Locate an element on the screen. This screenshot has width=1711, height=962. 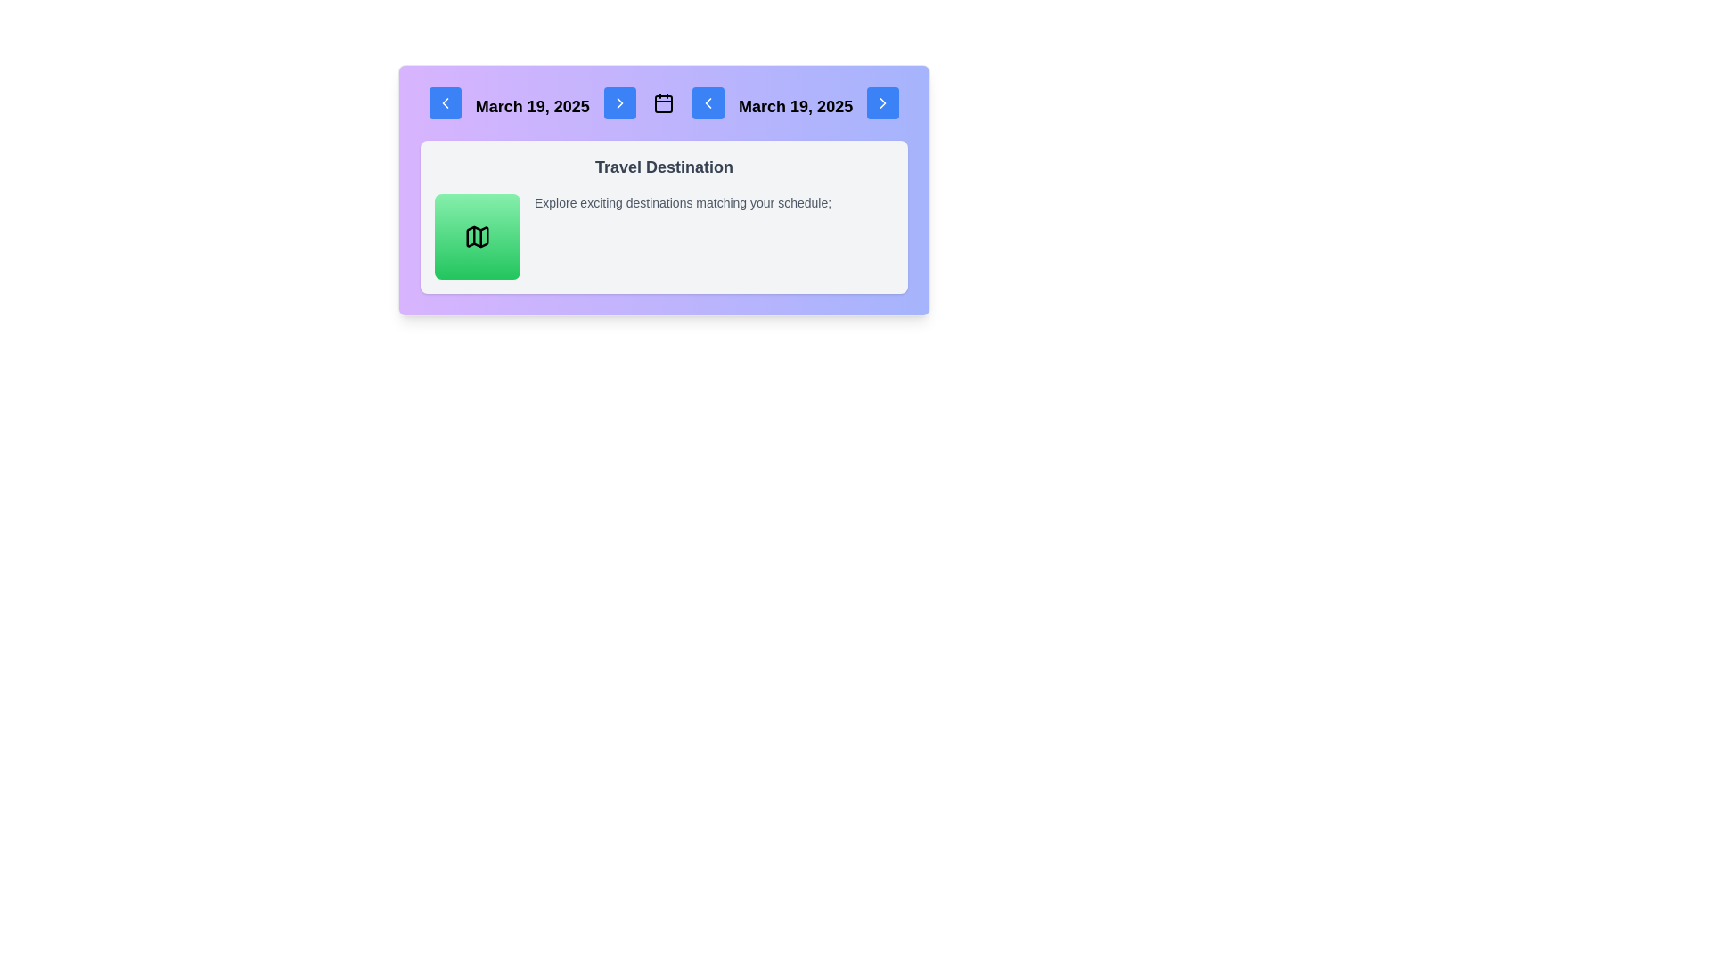
the calendar icon located in the center of the navigation buttons at the top of the card-like interface is located at coordinates (663, 102).